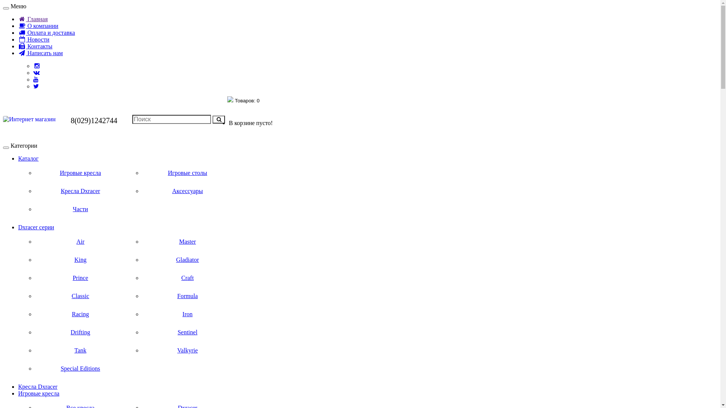 Image resolution: width=726 pixels, height=408 pixels. I want to click on 'Prince', so click(80, 278).